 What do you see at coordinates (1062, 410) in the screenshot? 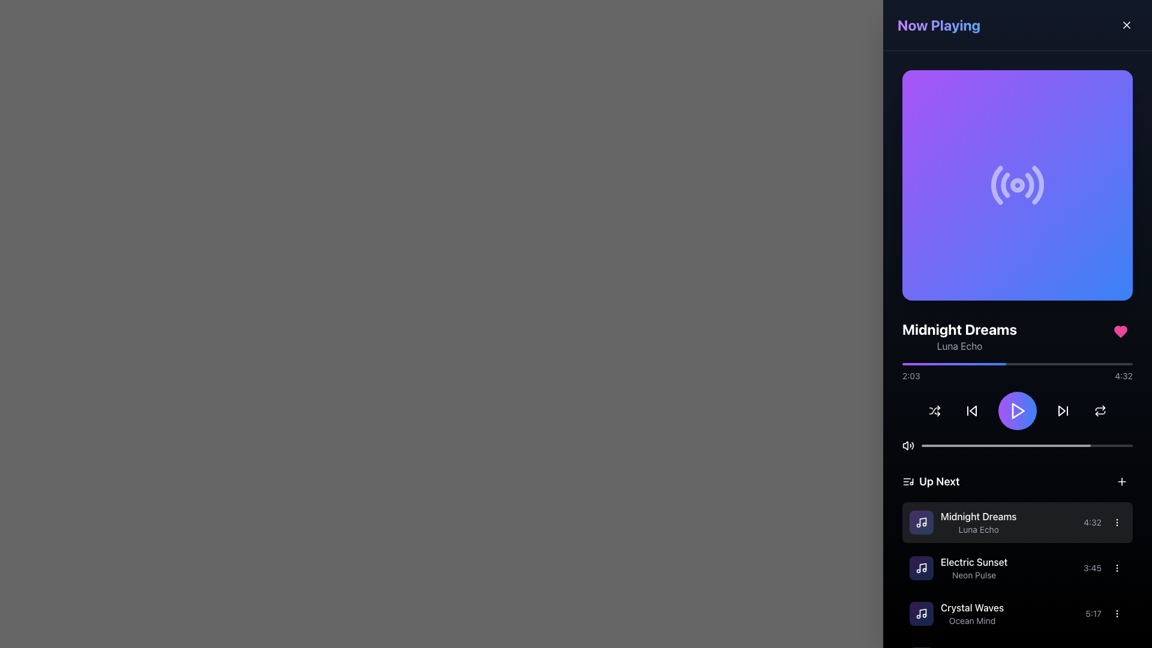
I see `the triangular play/skip-forward button with a black outline located below the track progress bar in the music player interface` at bounding box center [1062, 410].